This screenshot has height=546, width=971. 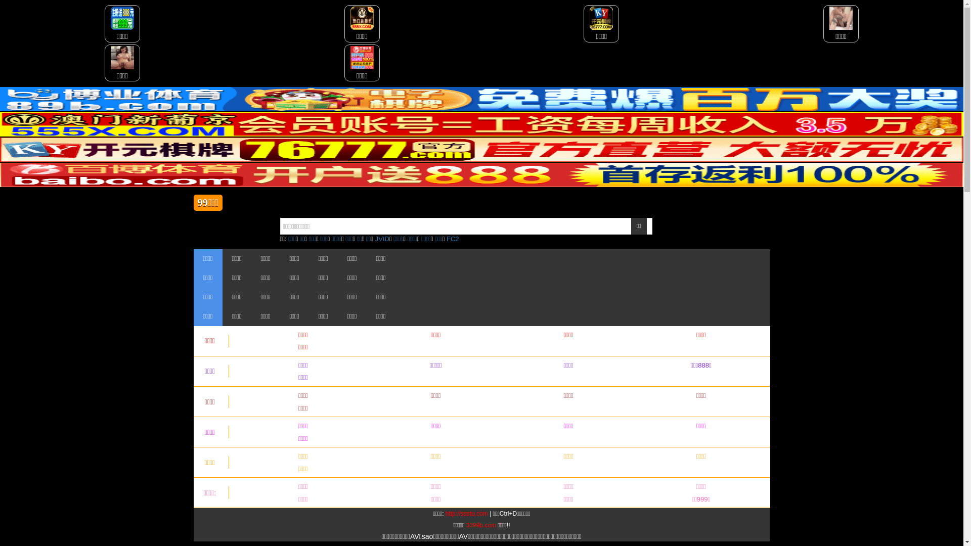 I want to click on 'FC2', so click(x=446, y=239).